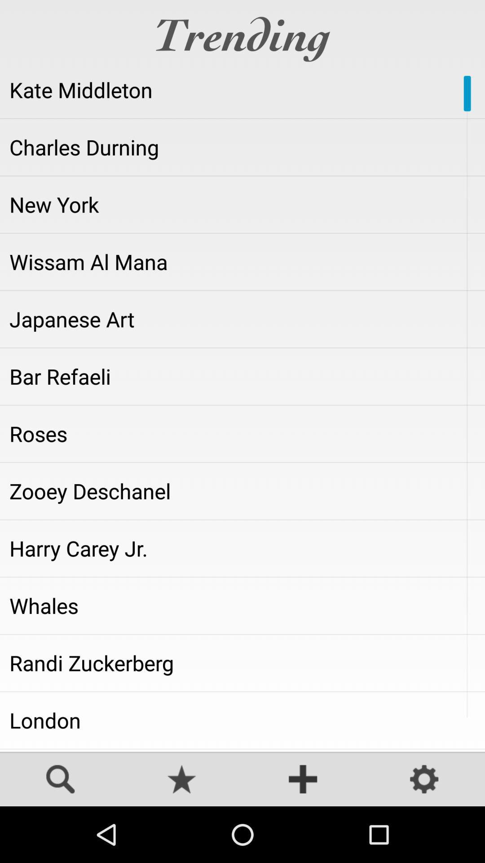  What do you see at coordinates (424, 780) in the screenshot?
I see `settings` at bounding box center [424, 780].